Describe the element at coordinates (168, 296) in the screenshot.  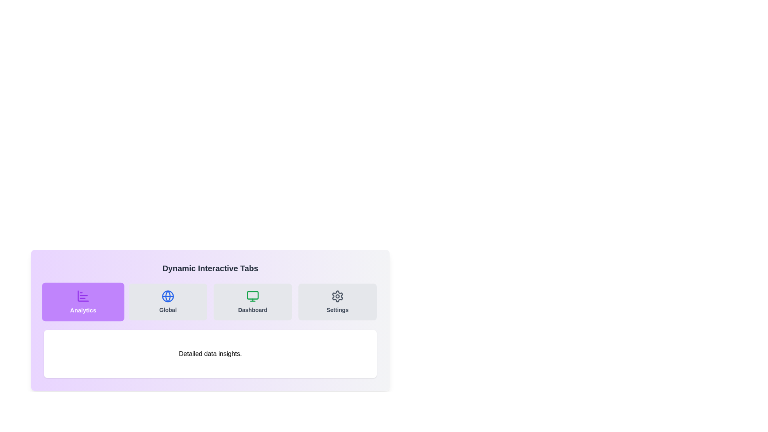
I see `the decorative SVG Circle Element associated with the 'Global' tab, which visually represents worldwide content` at that location.